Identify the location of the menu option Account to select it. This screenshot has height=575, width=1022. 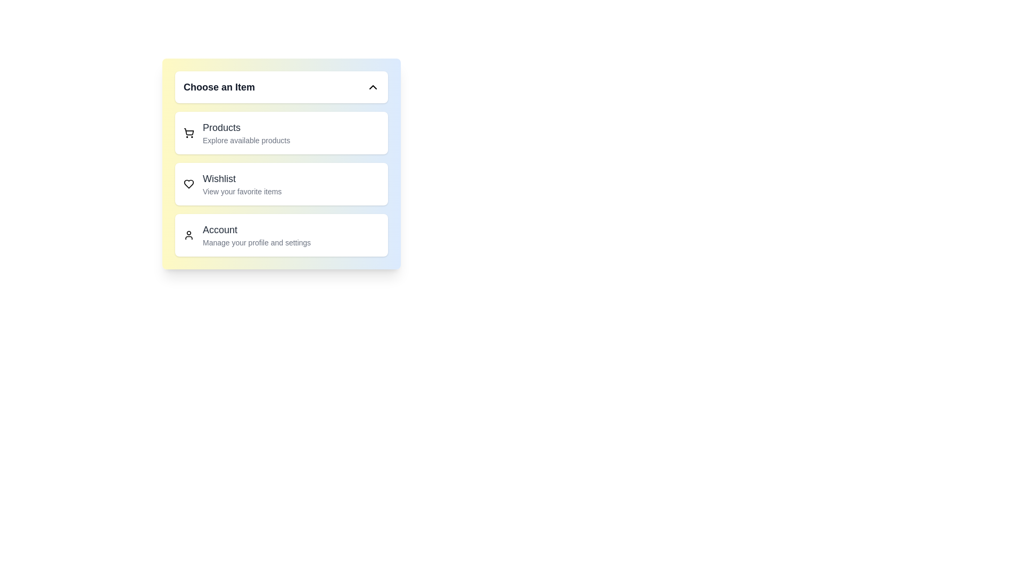
(281, 235).